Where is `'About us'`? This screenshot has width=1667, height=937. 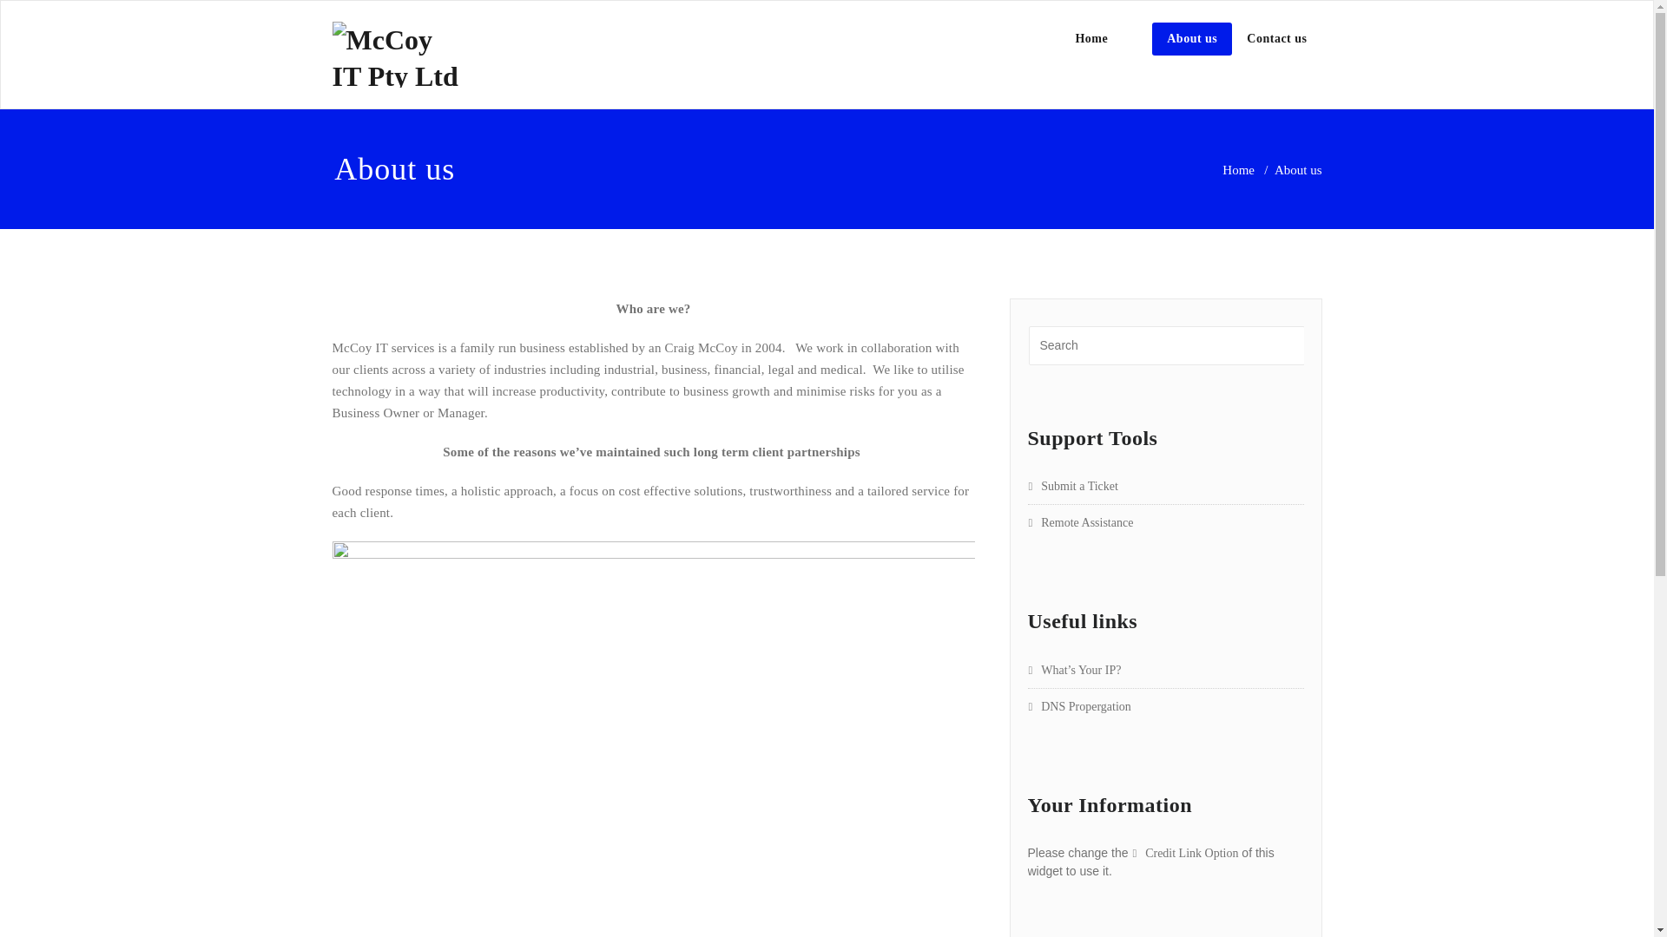 'About us' is located at coordinates (1190, 39).